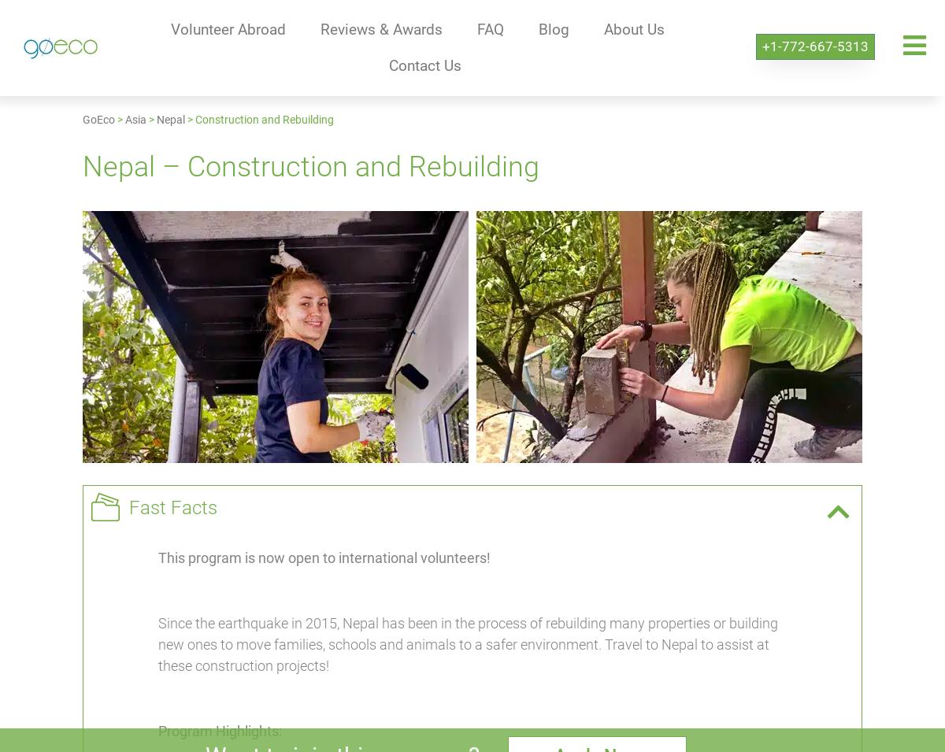  What do you see at coordinates (135, 119) in the screenshot?
I see `'Asia'` at bounding box center [135, 119].